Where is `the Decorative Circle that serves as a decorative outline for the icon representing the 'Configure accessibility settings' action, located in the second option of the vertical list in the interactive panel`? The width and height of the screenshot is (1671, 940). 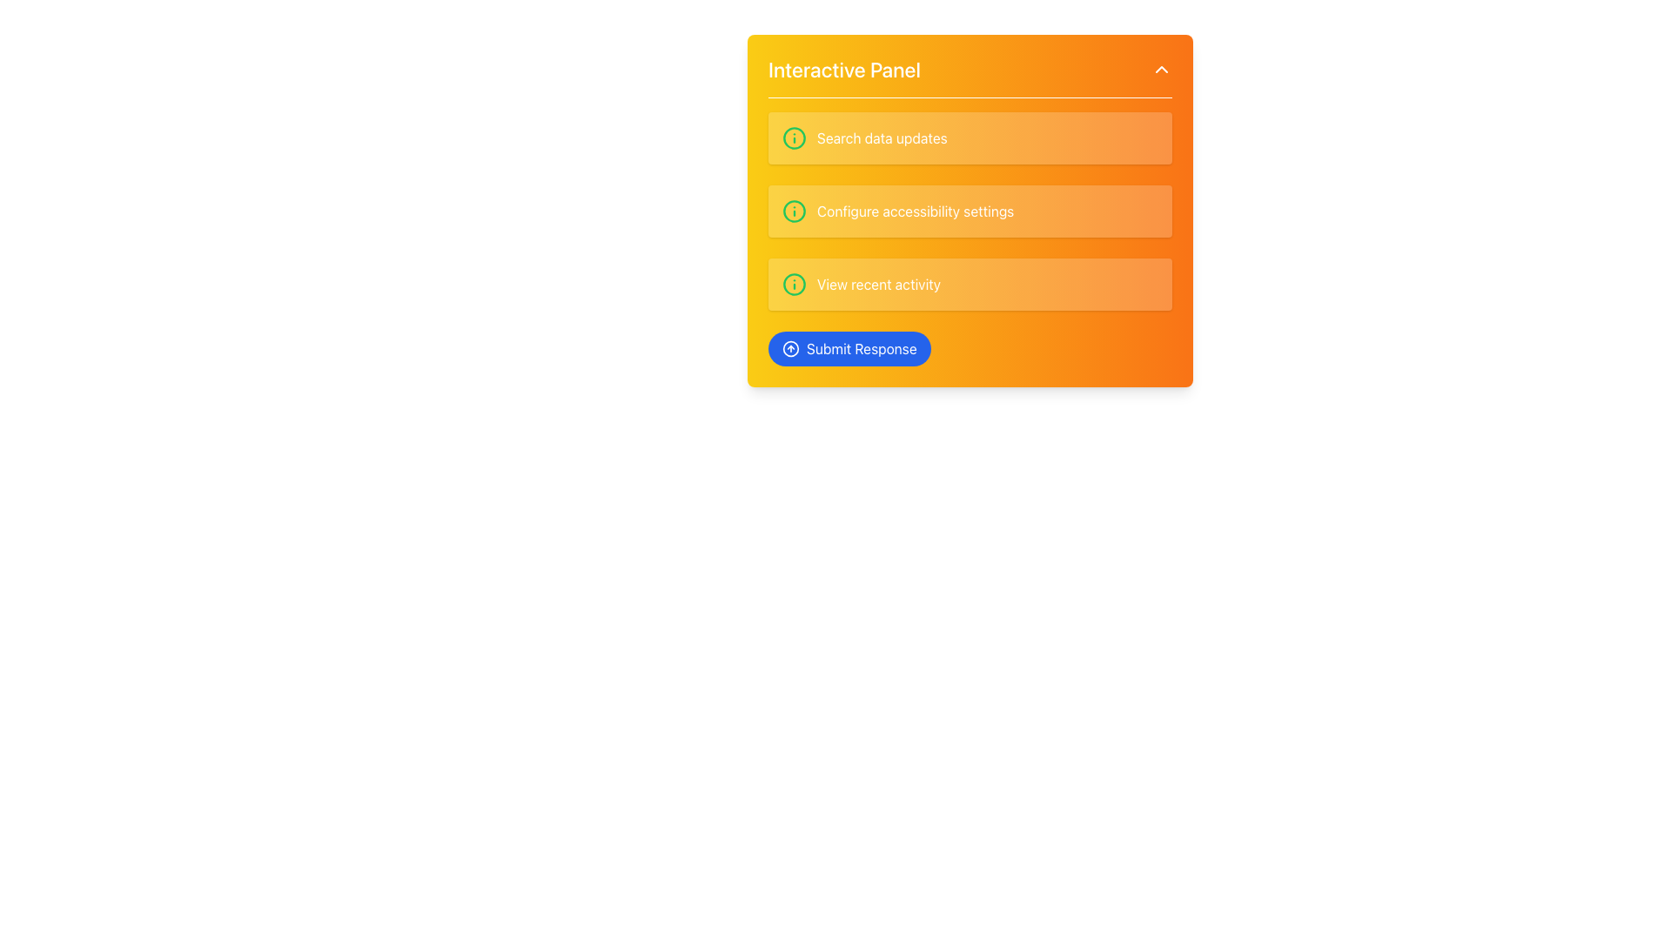
the Decorative Circle that serves as a decorative outline for the icon representing the 'Configure accessibility settings' action, located in the second option of the vertical list in the interactive panel is located at coordinates (793, 211).